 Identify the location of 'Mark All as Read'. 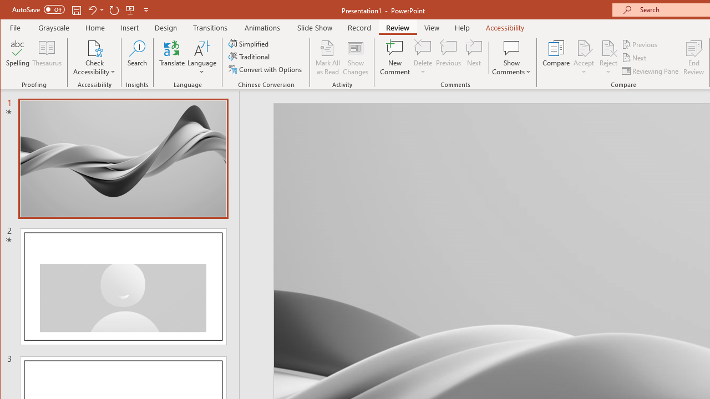
(327, 58).